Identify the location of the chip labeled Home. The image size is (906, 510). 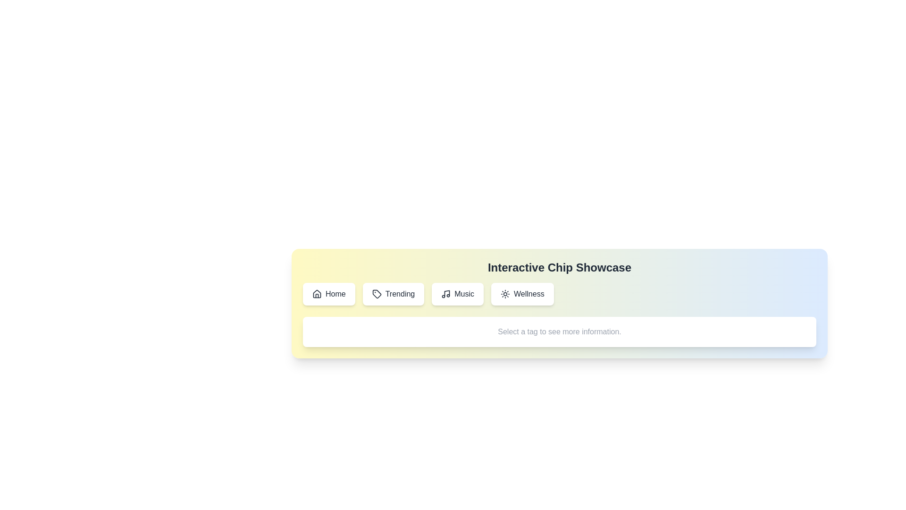
(329, 294).